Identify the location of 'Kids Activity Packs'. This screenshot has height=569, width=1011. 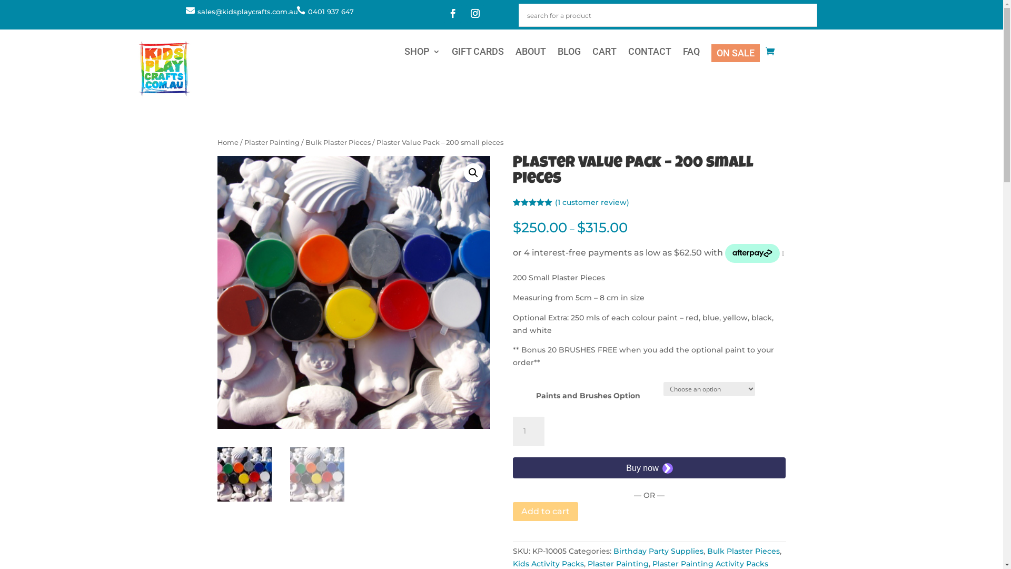
(548, 563).